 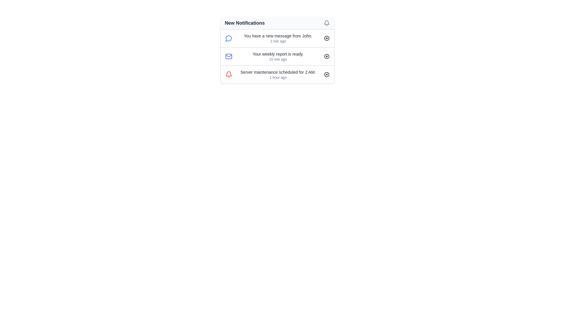 I want to click on the graphic element (circle) within the SVG icon that represents the notification action button for the second notification stating 'Your weekly report is ready.', so click(x=326, y=56).